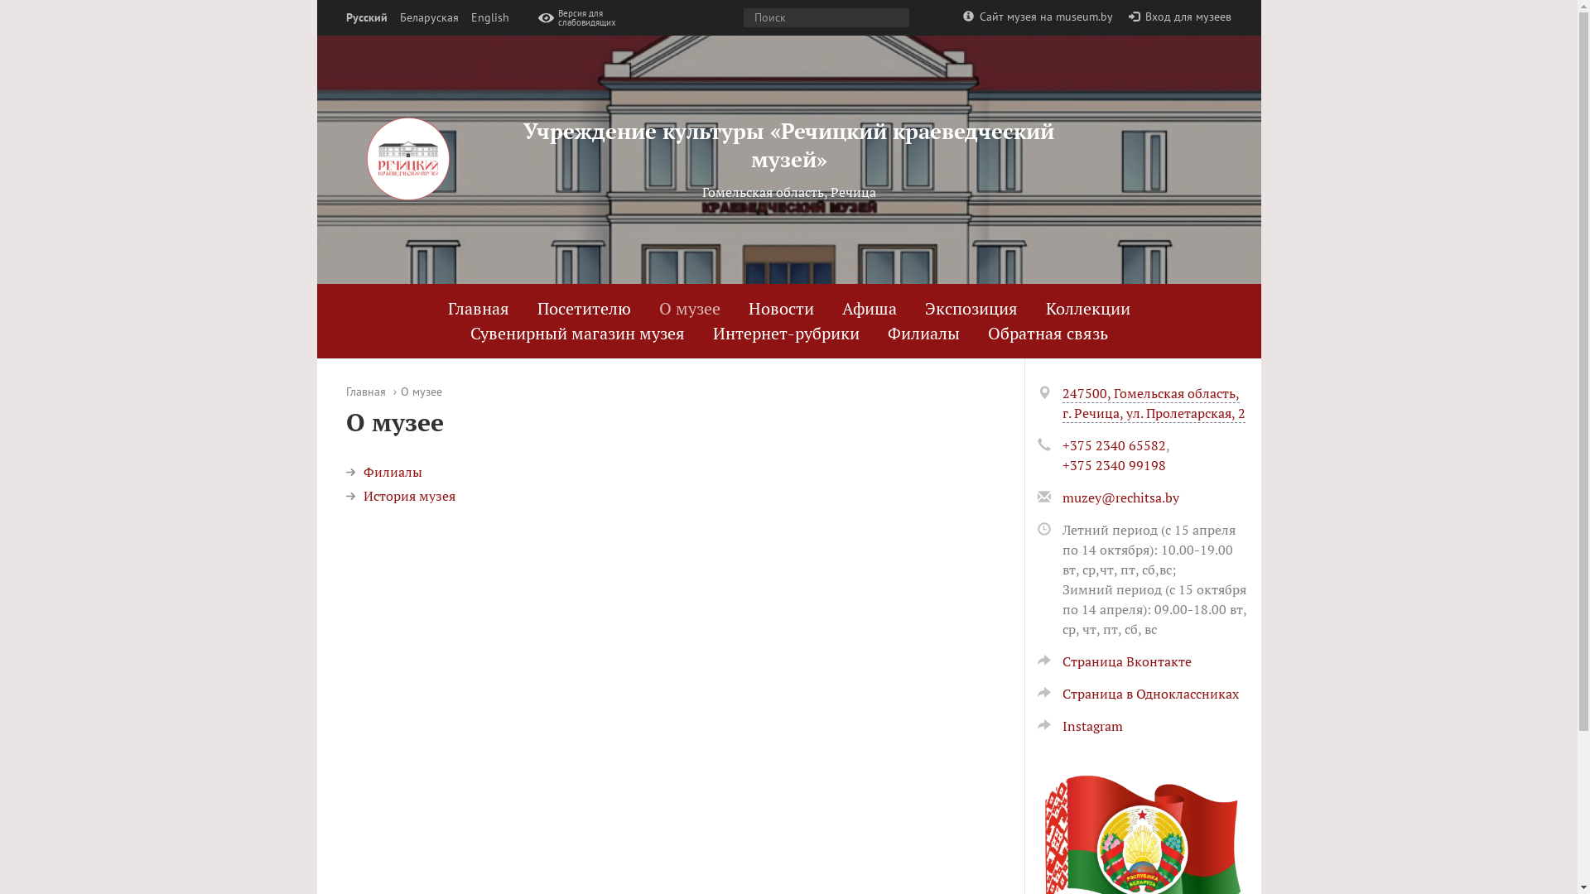  I want to click on 'Instagram', so click(1036, 724).